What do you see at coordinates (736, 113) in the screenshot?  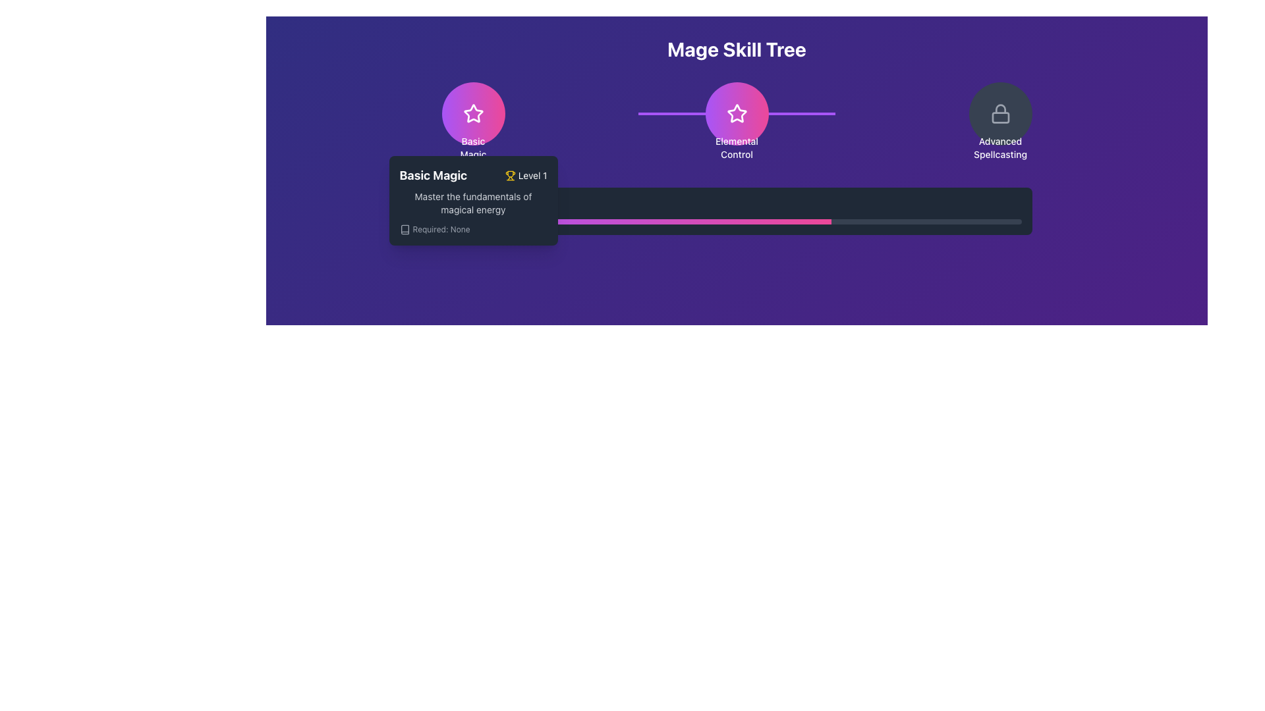 I see `the 'Elemental Control' button in the center of the Mage Skill Tree` at bounding box center [736, 113].